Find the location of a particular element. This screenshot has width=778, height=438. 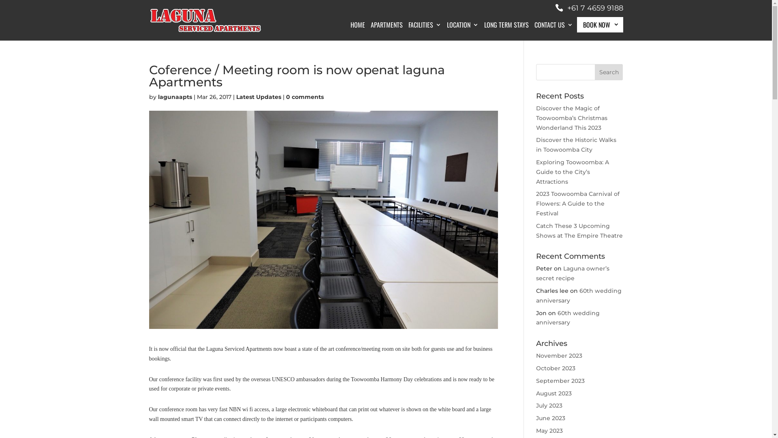

'lagunaapts' is located at coordinates (158, 97).